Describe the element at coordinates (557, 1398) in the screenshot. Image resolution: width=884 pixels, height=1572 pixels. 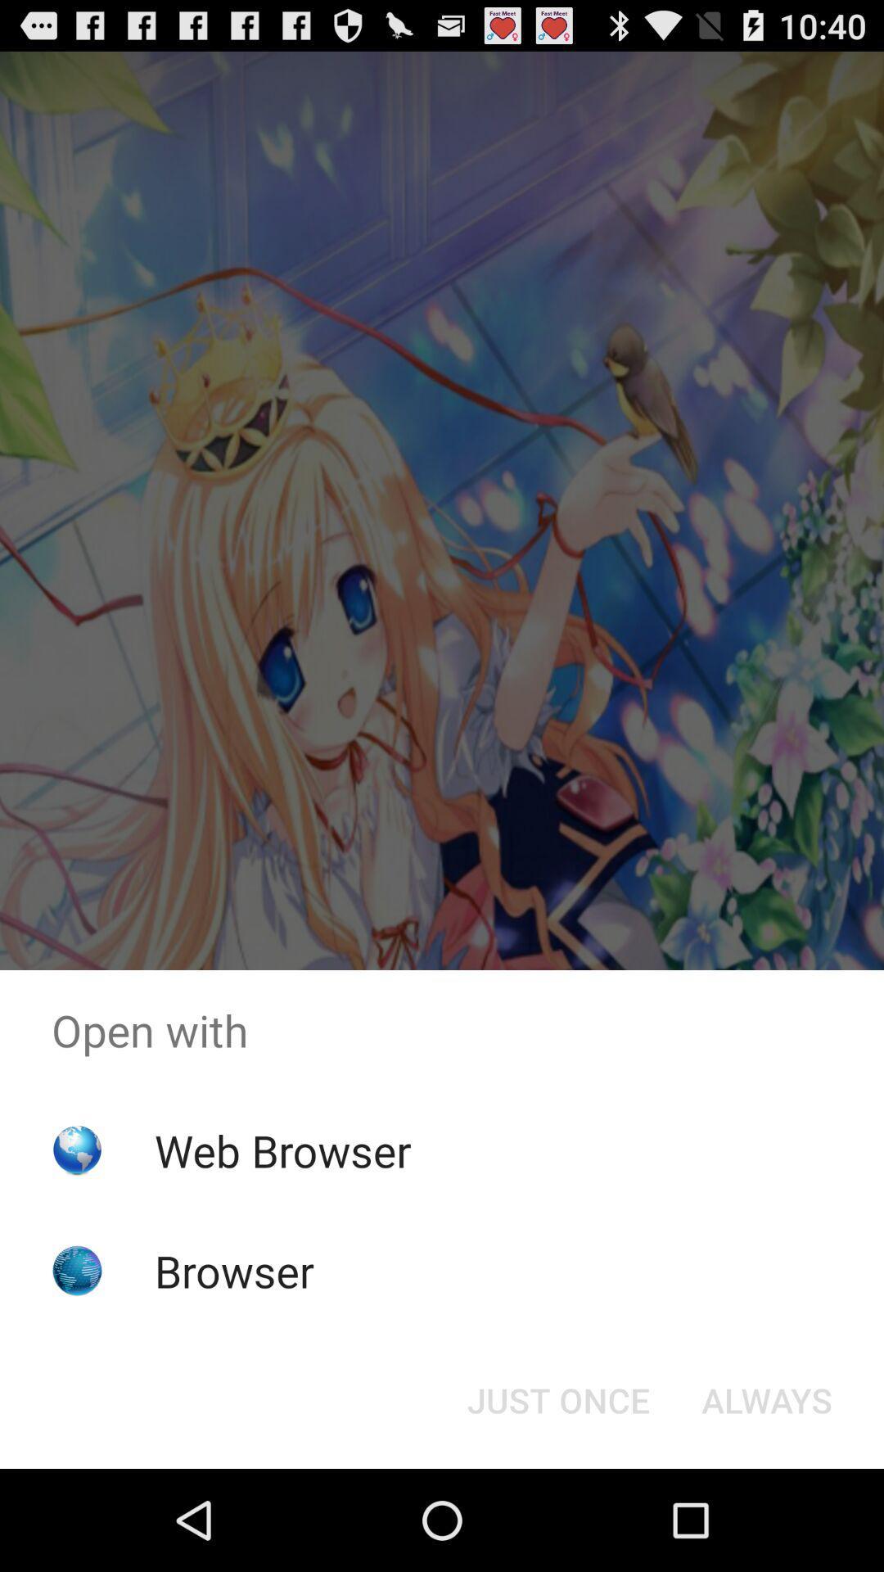
I see `just once` at that location.